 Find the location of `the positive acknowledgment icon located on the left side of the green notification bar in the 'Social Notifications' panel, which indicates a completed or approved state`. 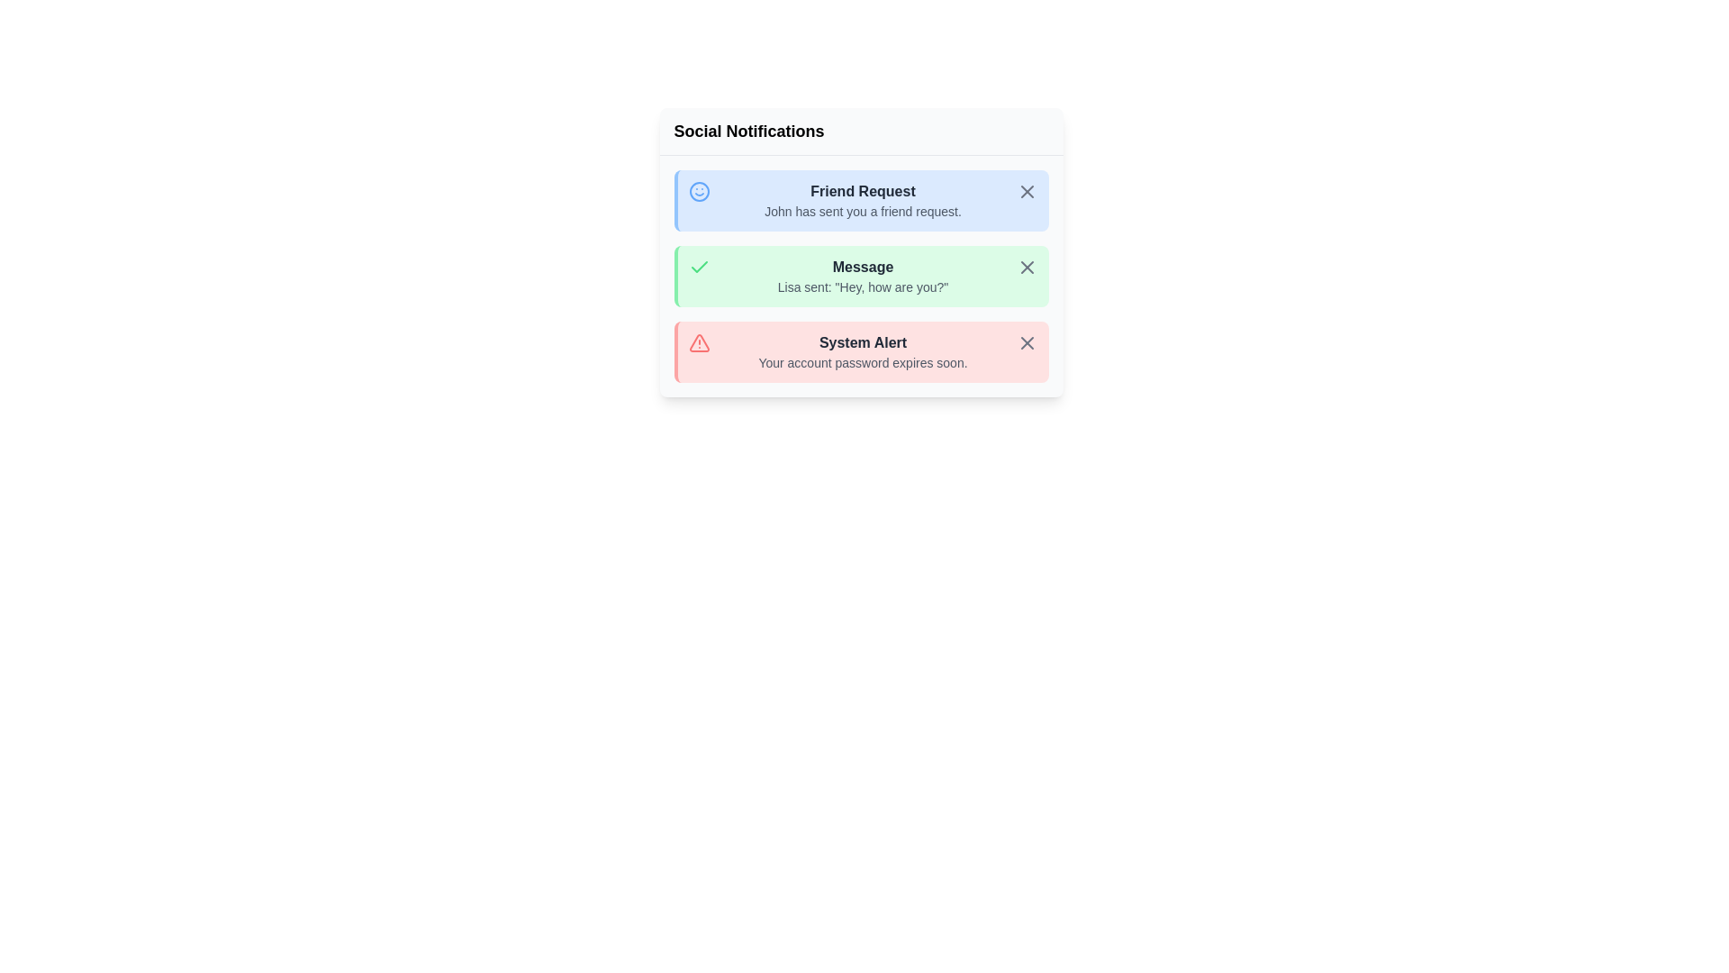

the positive acknowledgment icon located on the left side of the green notification bar in the 'Social Notifications' panel, which indicates a completed or approved state is located at coordinates (698, 268).